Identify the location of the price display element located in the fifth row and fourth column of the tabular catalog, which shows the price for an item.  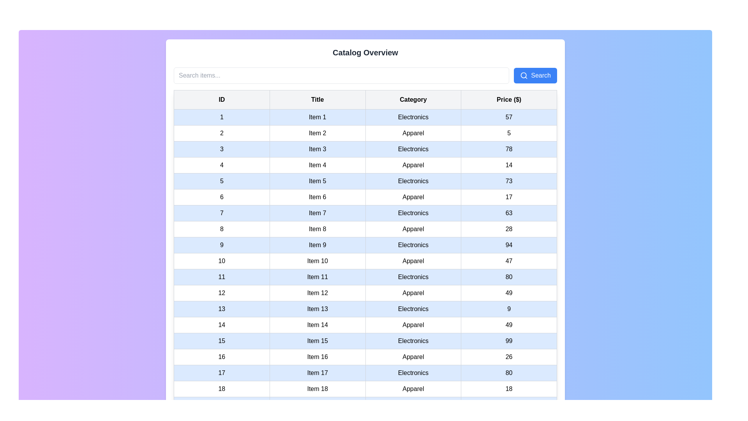
(509, 181).